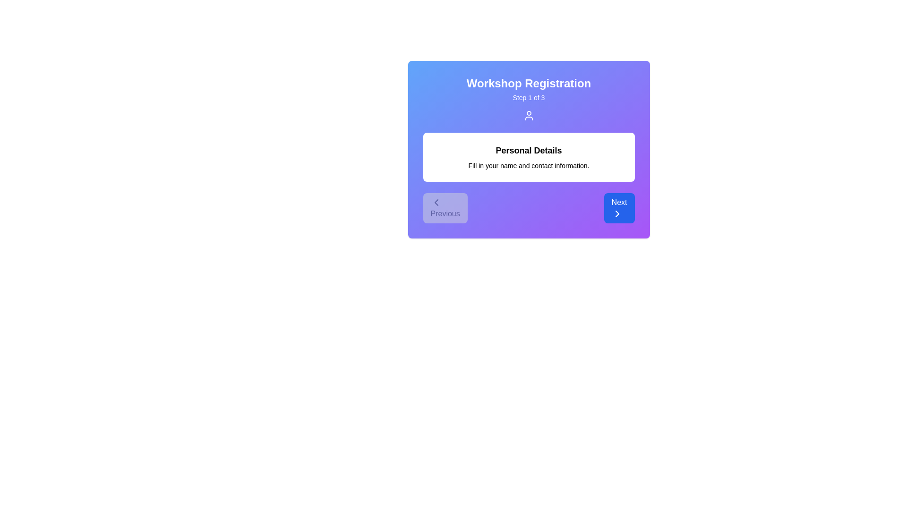  I want to click on the static text instruction 'Fill in your name and contact information.' positioned under the 'Personal Details' heading, so click(528, 165).